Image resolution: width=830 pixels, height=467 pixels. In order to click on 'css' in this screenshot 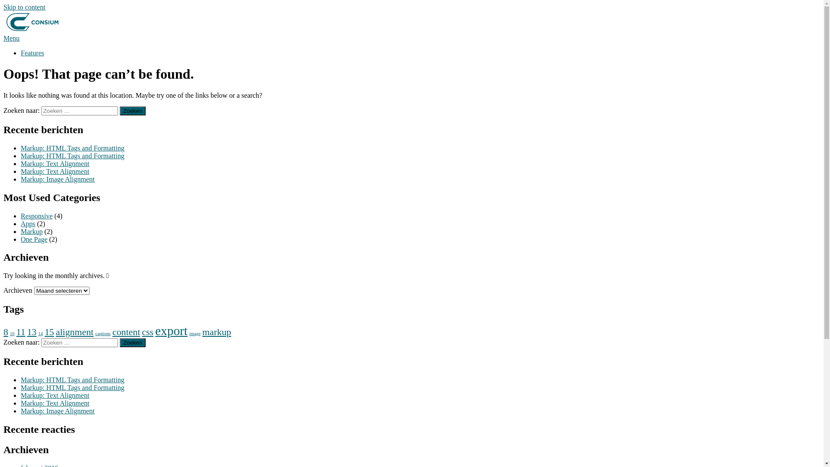, I will do `click(141, 331)`.